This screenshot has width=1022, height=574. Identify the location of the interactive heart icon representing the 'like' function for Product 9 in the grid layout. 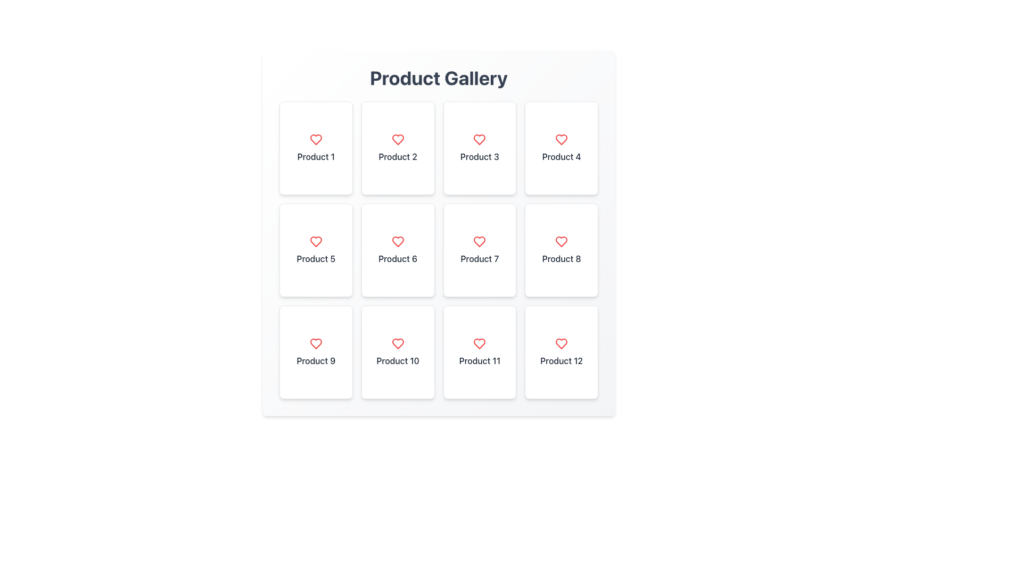
(315, 344).